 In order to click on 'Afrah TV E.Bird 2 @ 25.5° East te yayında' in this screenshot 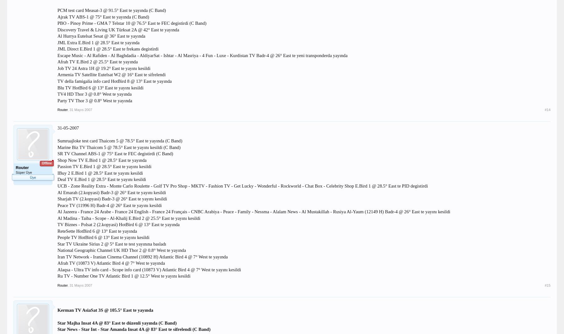, I will do `click(57, 61)`.